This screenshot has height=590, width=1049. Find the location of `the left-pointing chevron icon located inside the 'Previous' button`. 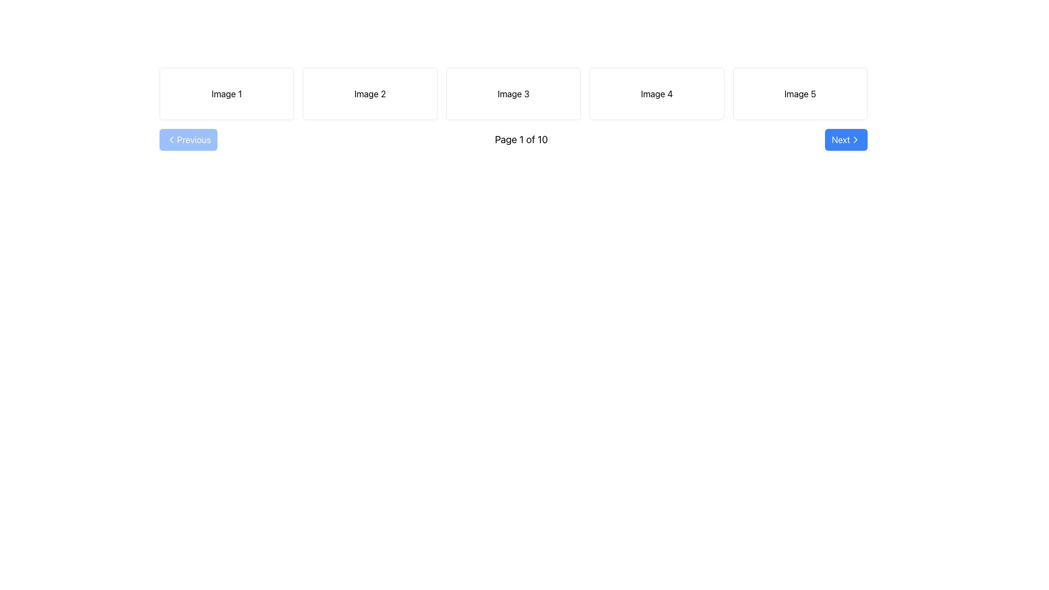

the left-pointing chevron icon located inside the 'Previous' button is located at coordinates (170, 139).